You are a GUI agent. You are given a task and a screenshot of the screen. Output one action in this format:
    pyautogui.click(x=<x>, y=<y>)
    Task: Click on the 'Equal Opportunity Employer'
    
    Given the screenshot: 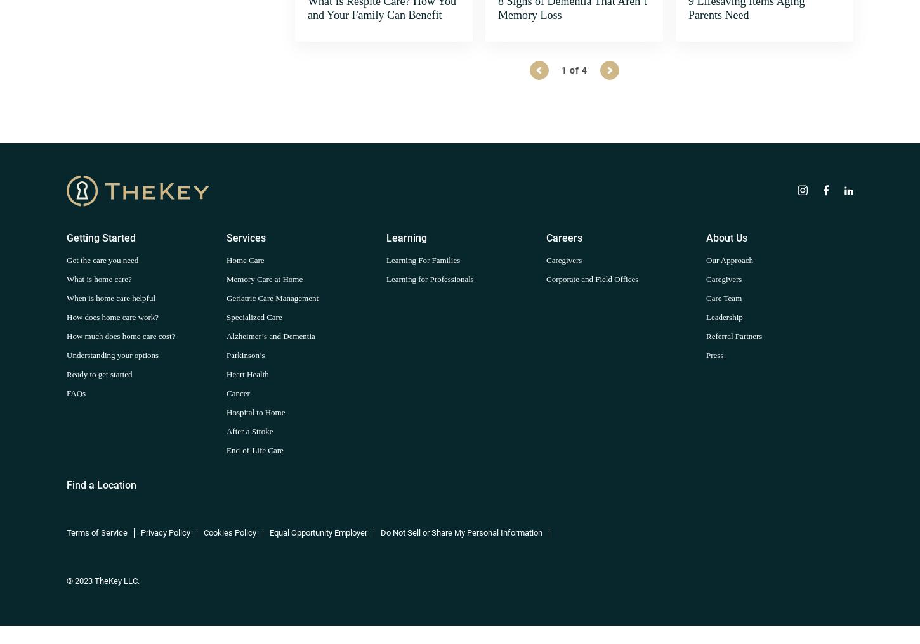 What is the action you would take?
    pyautogui.click(x=318, y=532)
    